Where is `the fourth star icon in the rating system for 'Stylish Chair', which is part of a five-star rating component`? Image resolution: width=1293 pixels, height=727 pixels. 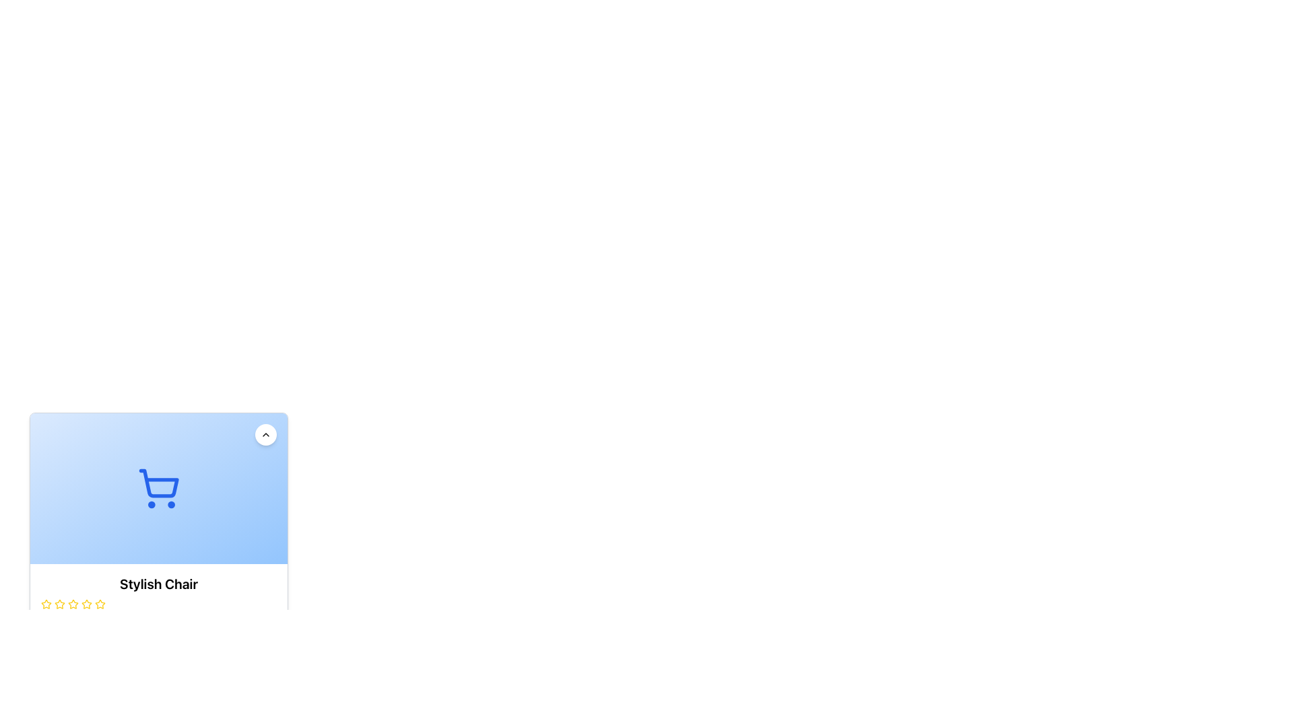 the fourth star icon in the rating system for 'Stylish Chair', which is part of a five-star rating component is located at coordinates (99, 603).